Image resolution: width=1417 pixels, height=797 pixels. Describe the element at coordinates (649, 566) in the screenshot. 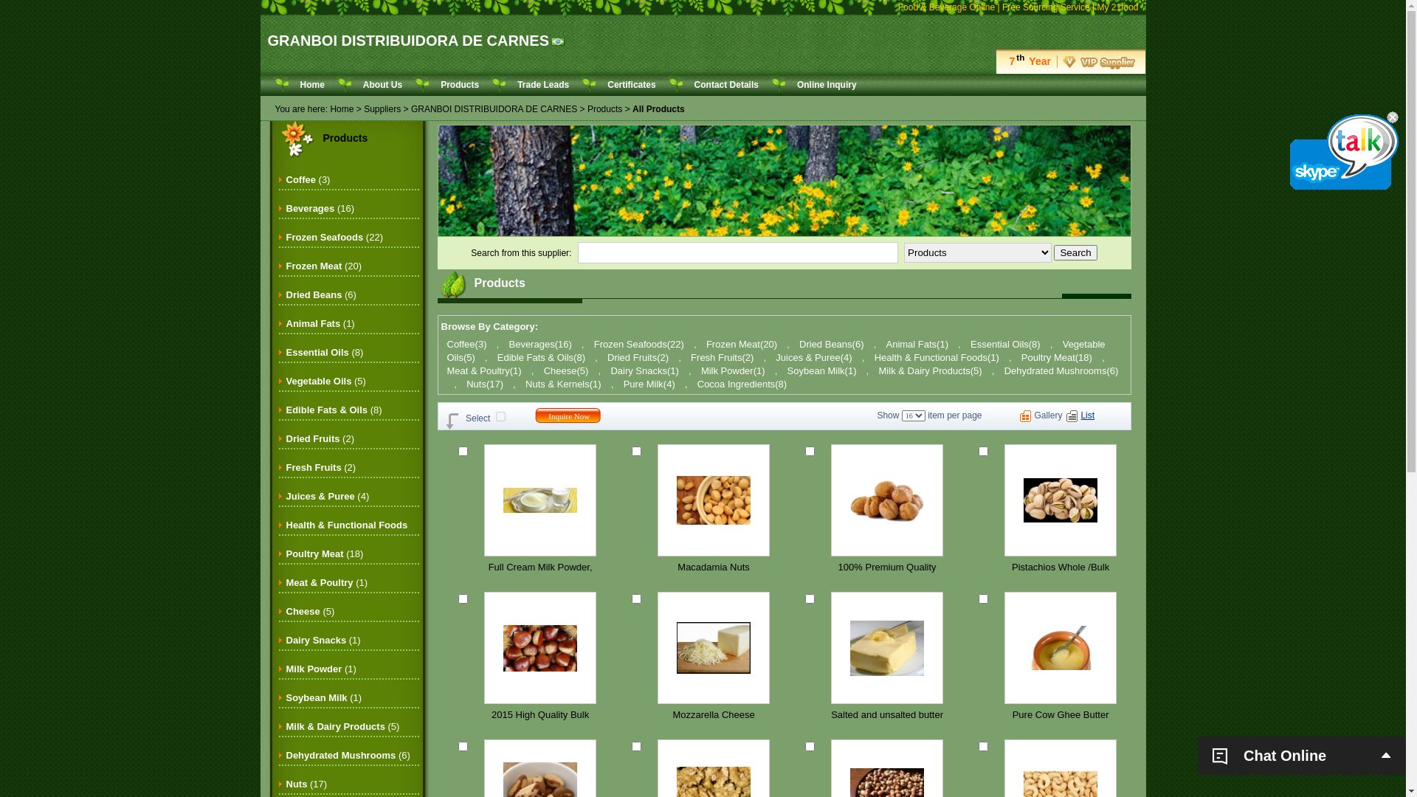

I see `'Macadamia Nuts'` at that location.